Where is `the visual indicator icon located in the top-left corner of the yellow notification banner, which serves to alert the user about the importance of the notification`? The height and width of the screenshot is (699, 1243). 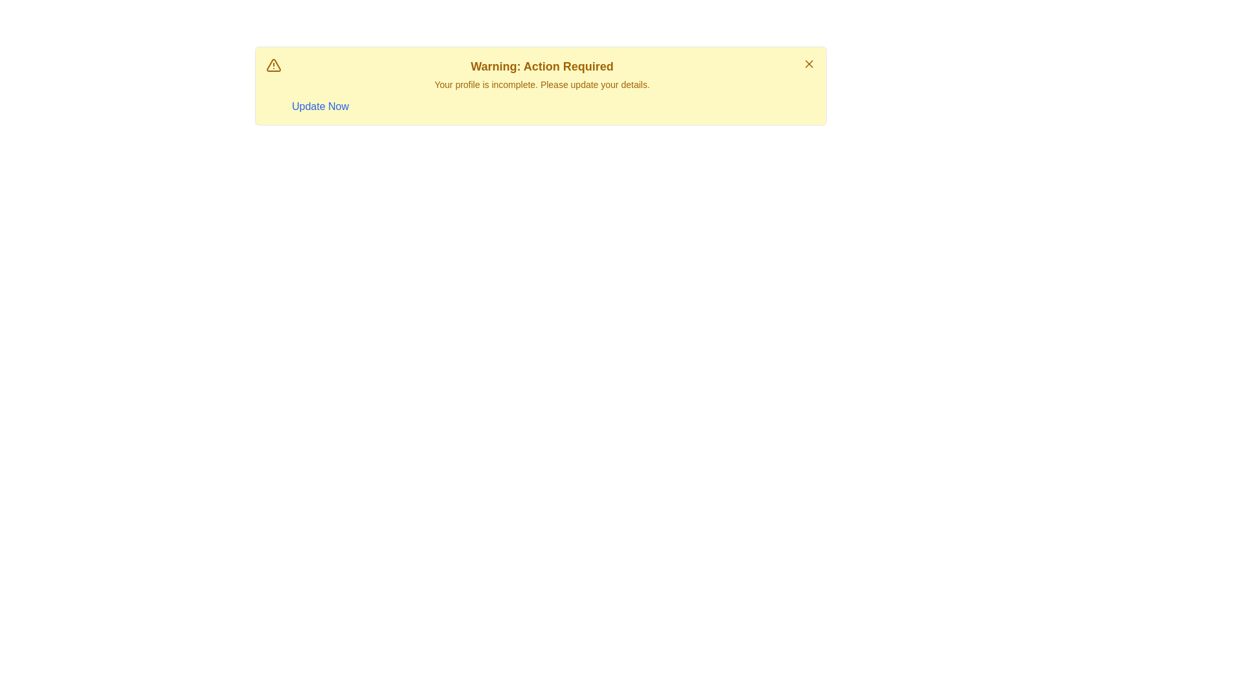 the visual indicator icon located in the top-left corner of the yellow notification banner, which serves to alert the user about the importance of the notification is located at coordinates (273, 65).